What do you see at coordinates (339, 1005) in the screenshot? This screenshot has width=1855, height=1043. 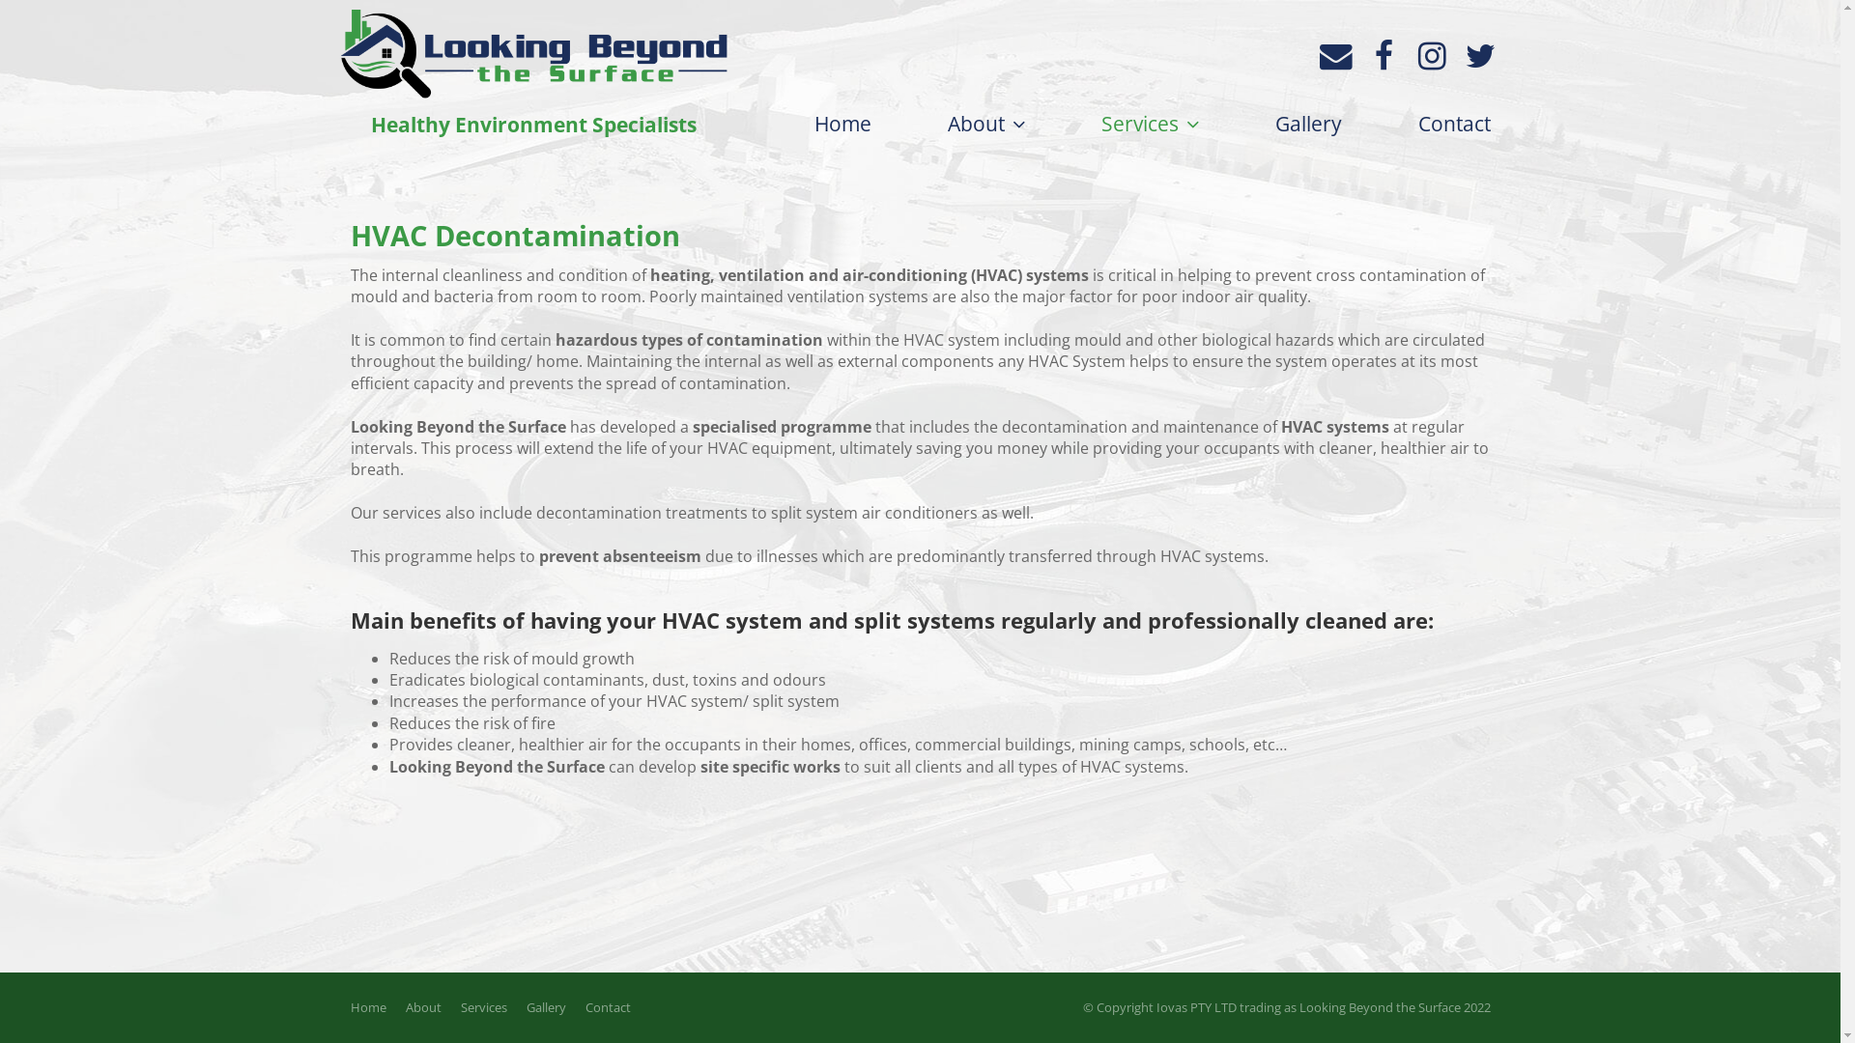 I see `'Home'` at bounding box center [339, 1005].